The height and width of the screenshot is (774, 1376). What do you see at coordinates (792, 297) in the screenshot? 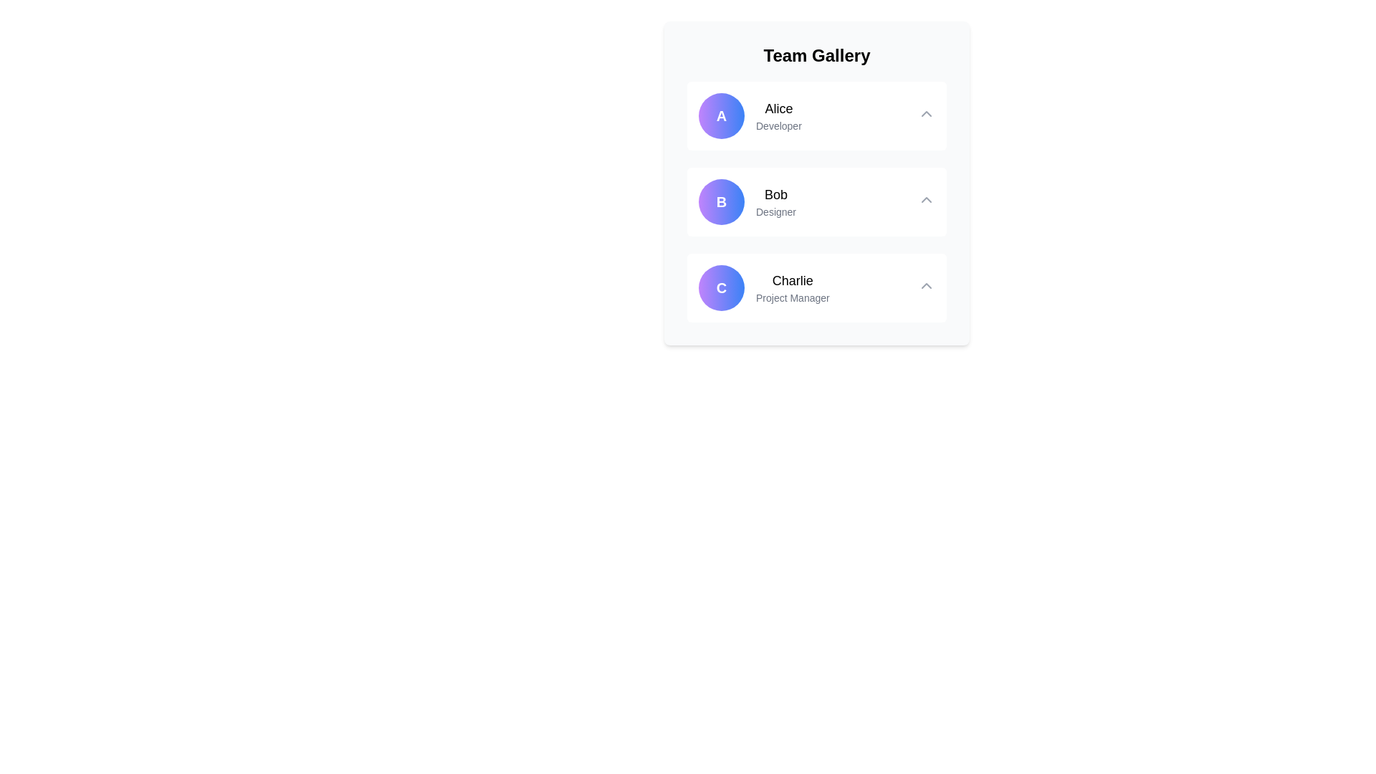
I see `the Text Label indicating the role or title of the user associated with the profile entry for 'Charlie', located below the name in the 'Team Gallery'` at bounding box center [792, 297].